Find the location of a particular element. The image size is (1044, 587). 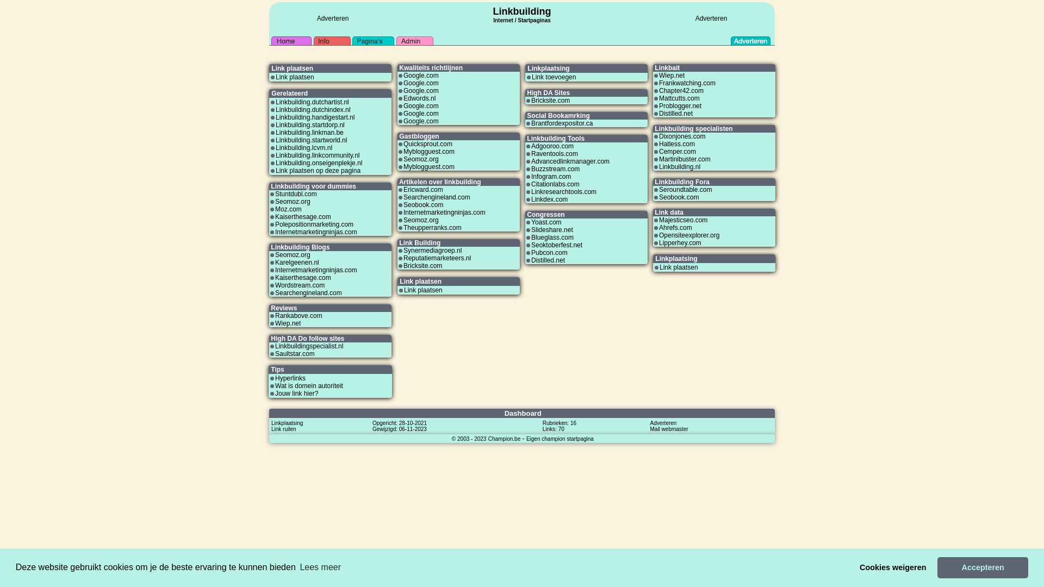

'Link plaatsen op deze pagina' is located at coordinates (318, 170).